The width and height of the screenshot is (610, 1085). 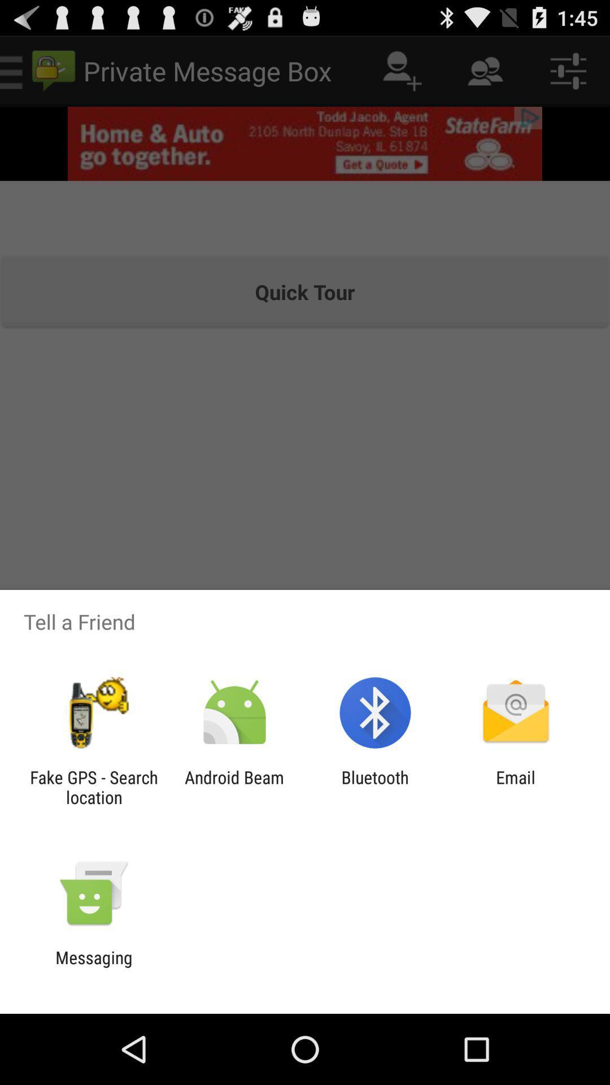 What do you see at coordinates (375, 787) in the screenshot?
I see `bluetooth app` at bounding box center [375, 787].